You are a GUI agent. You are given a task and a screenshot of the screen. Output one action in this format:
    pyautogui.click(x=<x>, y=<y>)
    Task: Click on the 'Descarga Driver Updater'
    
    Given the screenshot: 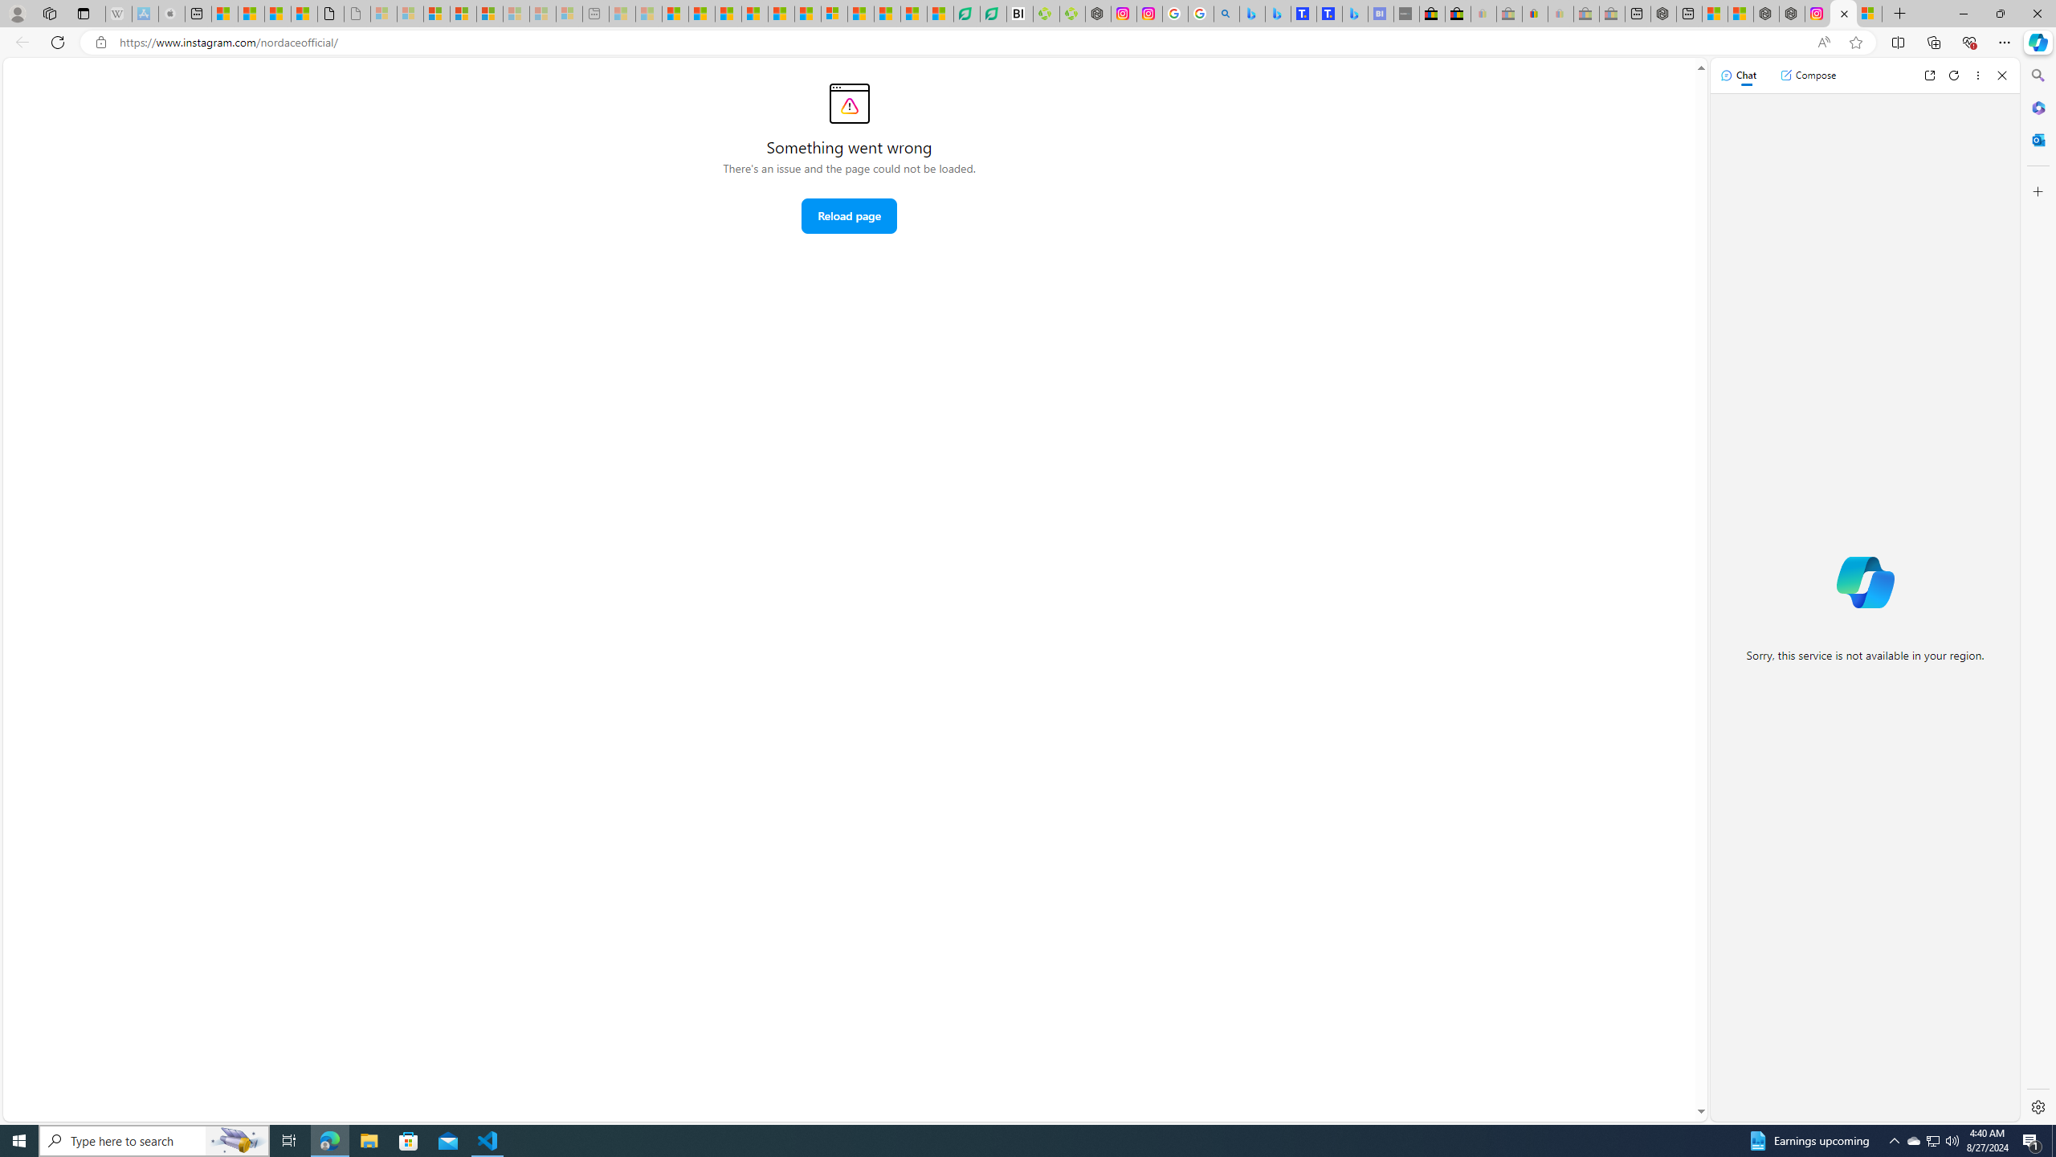 What is the action you would take?
    pyautogui.click(x=1071, y=13)
    